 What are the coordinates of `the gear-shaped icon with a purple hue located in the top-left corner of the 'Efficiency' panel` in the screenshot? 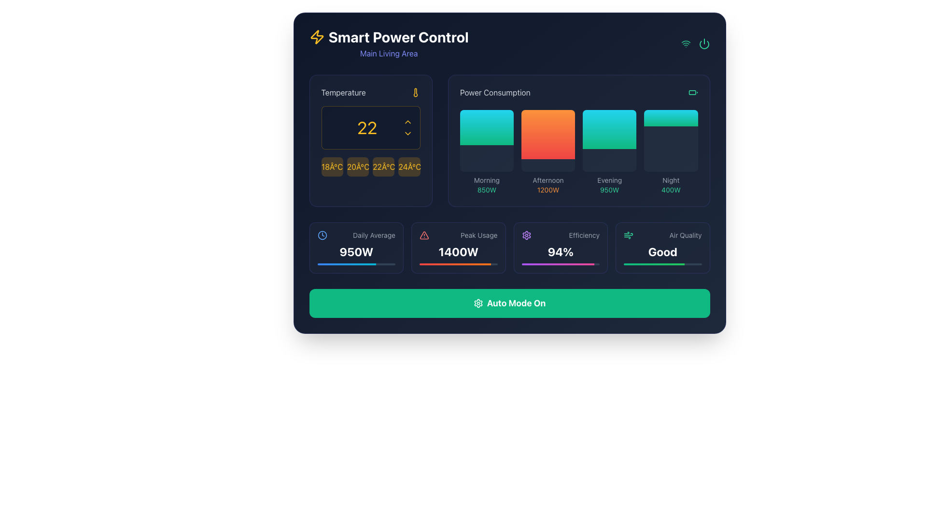 It's located at (526, 235).